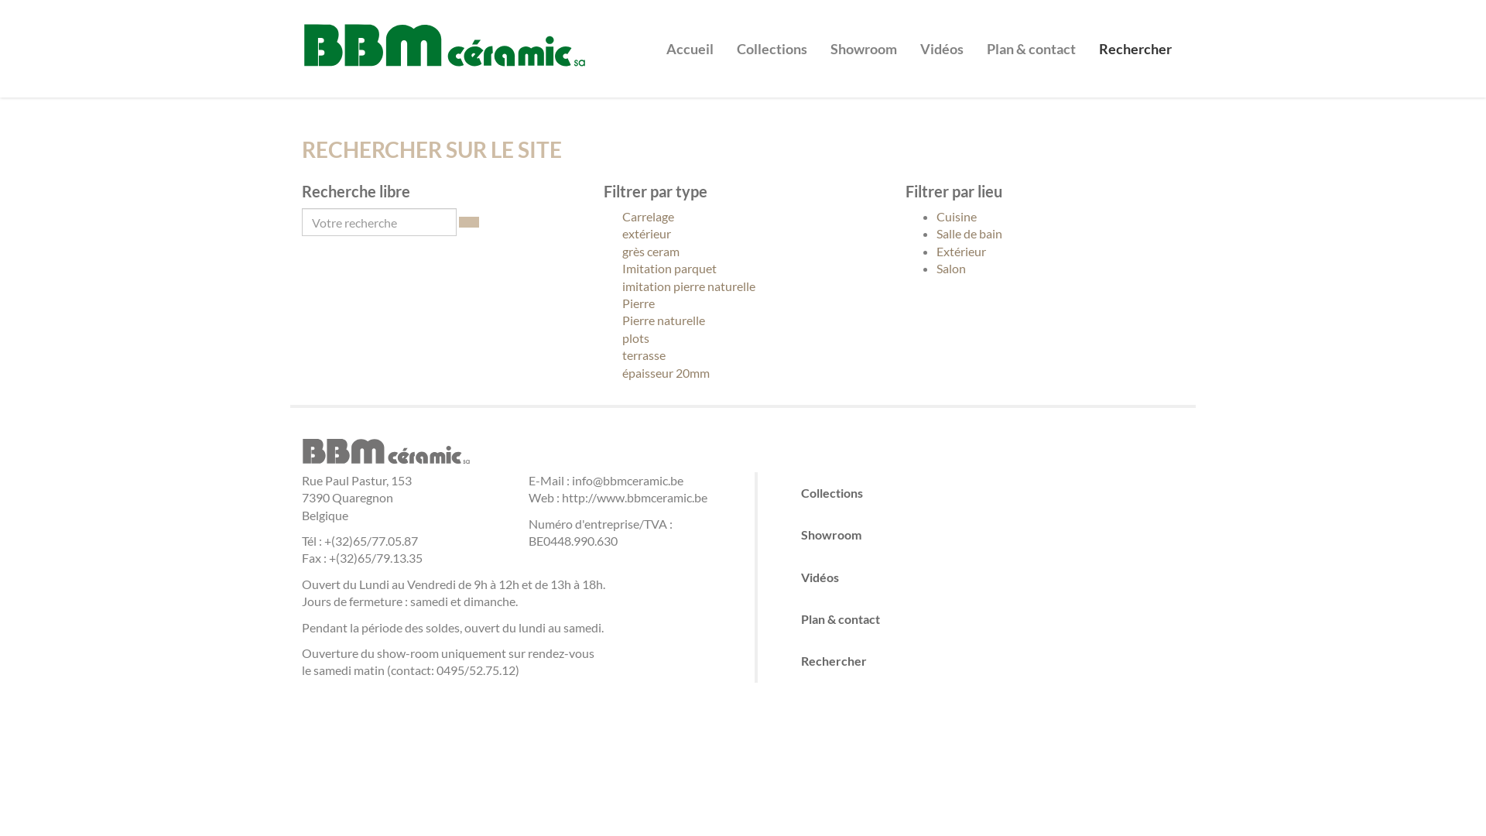 The image size is (1486, 836). Describe the element at coordinates (602, 337) in the screenshot. I see `'plots'` at that location.